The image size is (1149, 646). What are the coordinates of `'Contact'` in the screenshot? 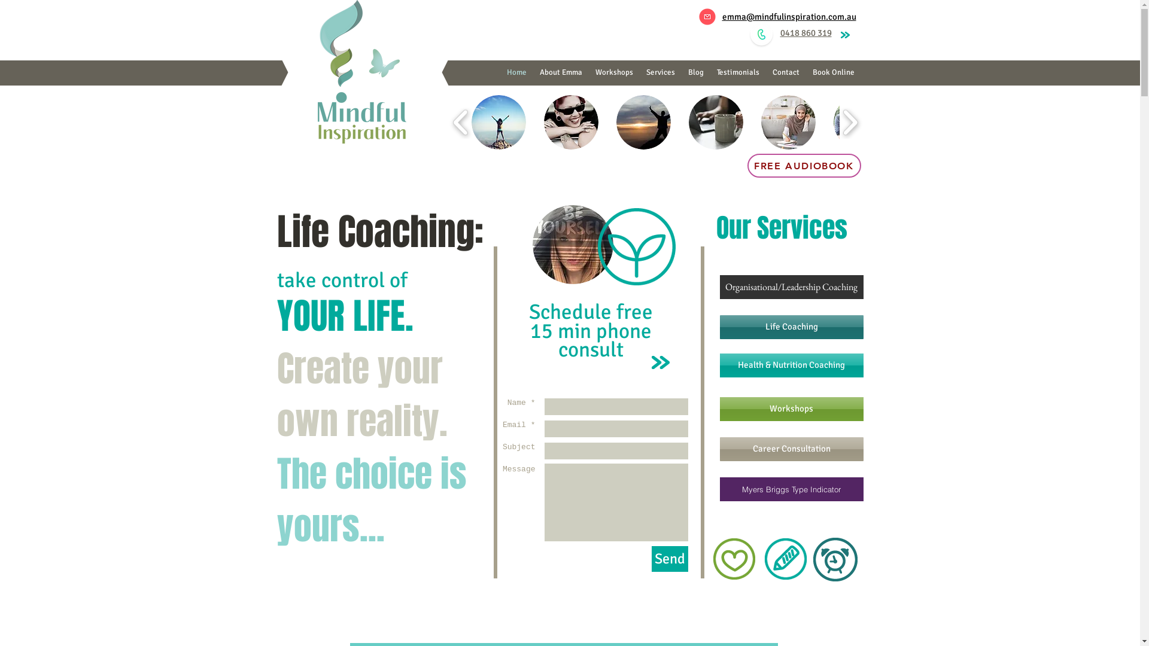 It's located at (766, 72).